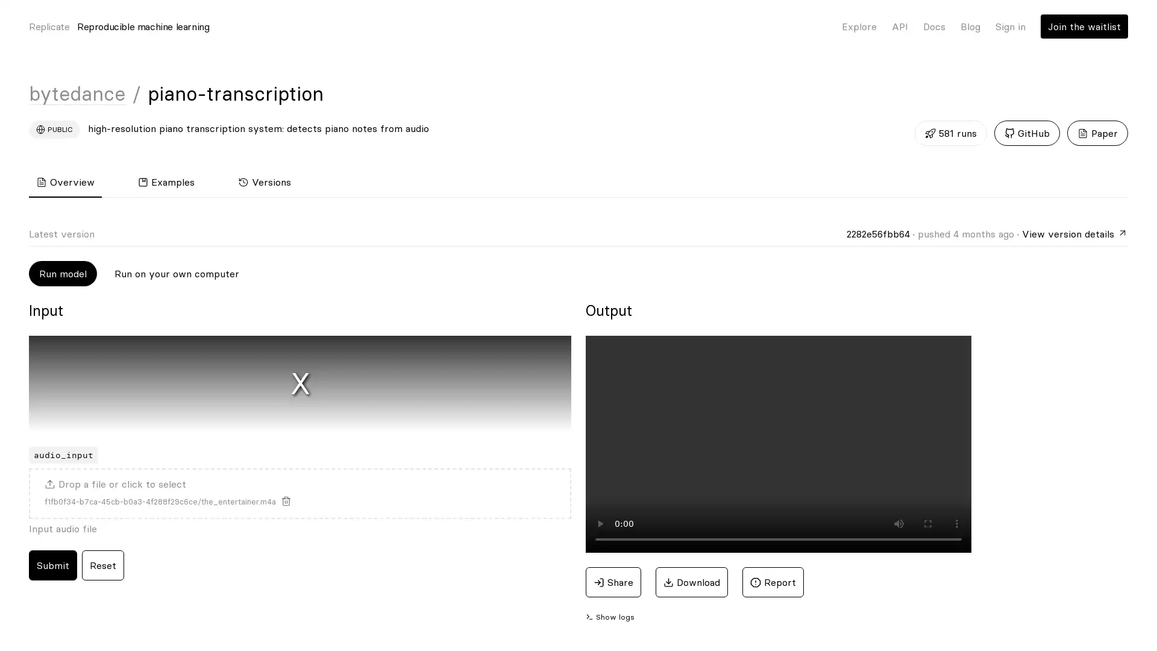 This screenshot has height=651, width=1157. What do you see at coordinates (927, 523) in the screenshot?
I see `enter full screen` at bounding box center [927, 523].